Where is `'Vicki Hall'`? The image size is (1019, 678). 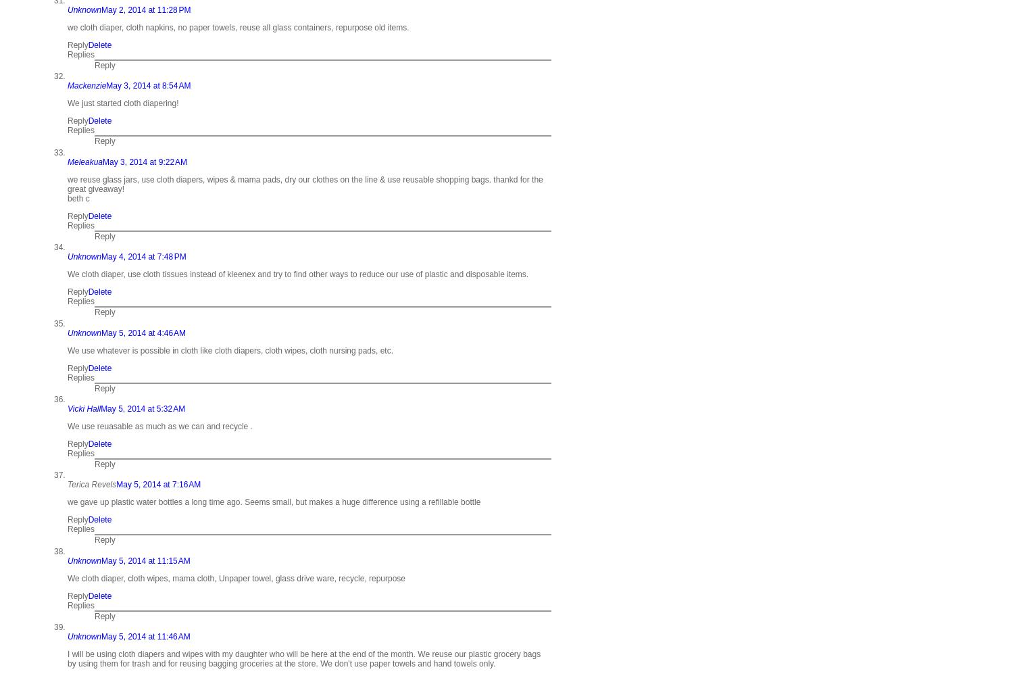
'Vicki Hall' is located at coordinates (67, 409).